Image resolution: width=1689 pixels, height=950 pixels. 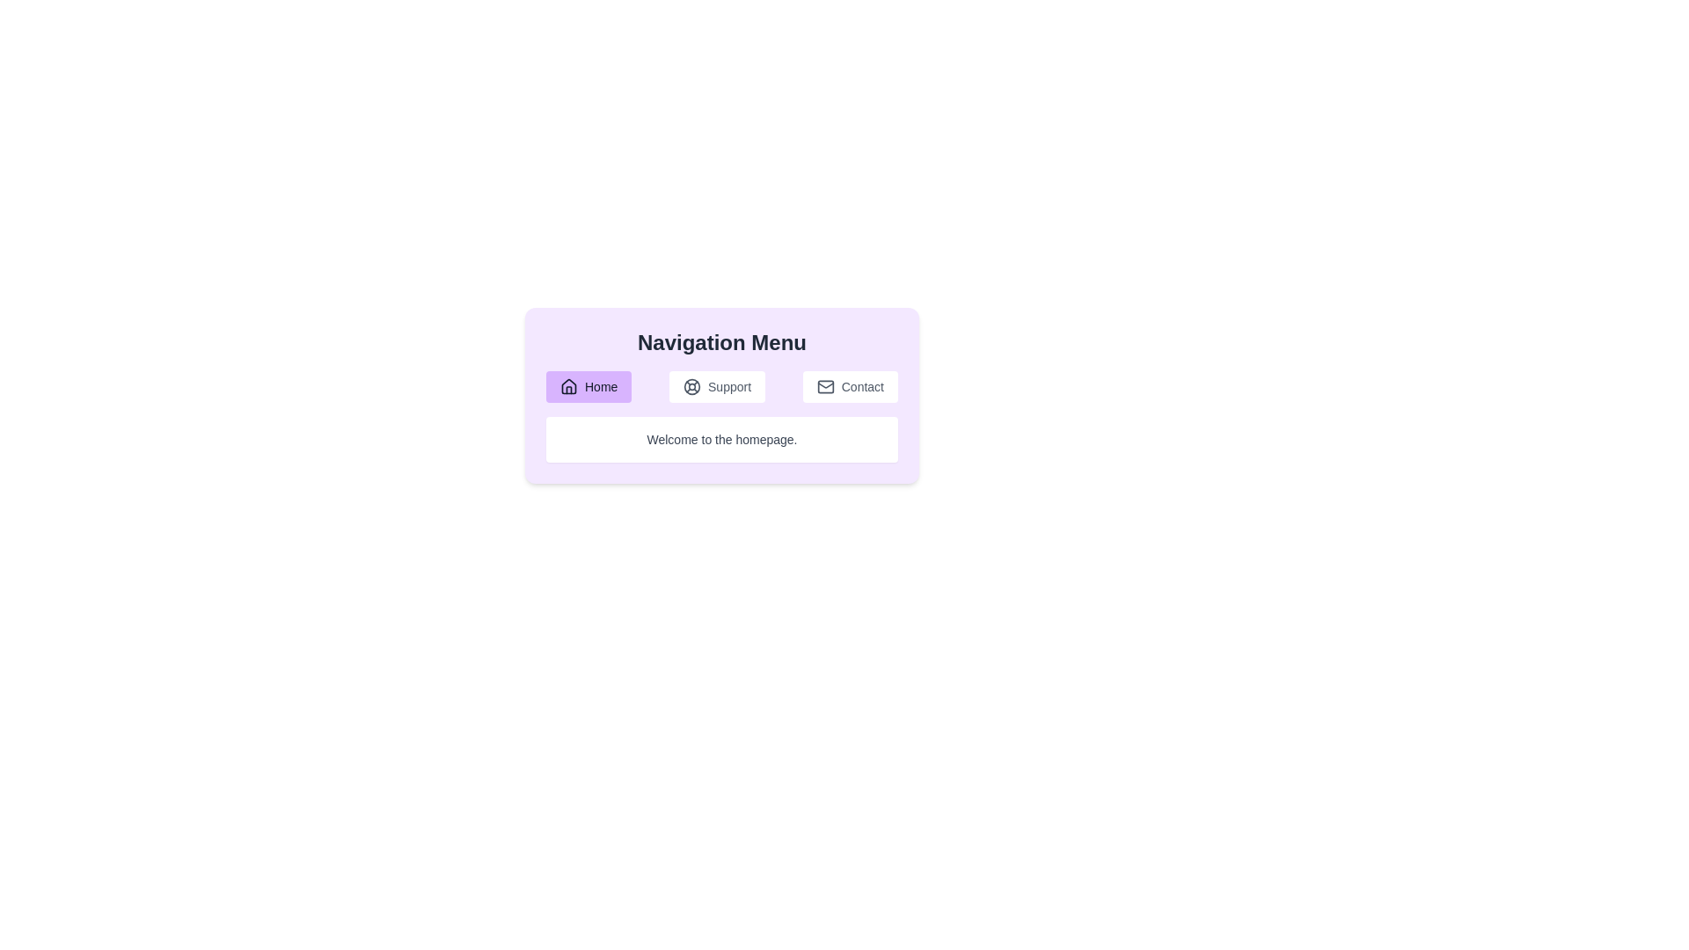 What do you see at coordinates (569, 385) in the screenshot?
I see `the 'Home' icon in the navigation menu` at bounding box center [569, 385].